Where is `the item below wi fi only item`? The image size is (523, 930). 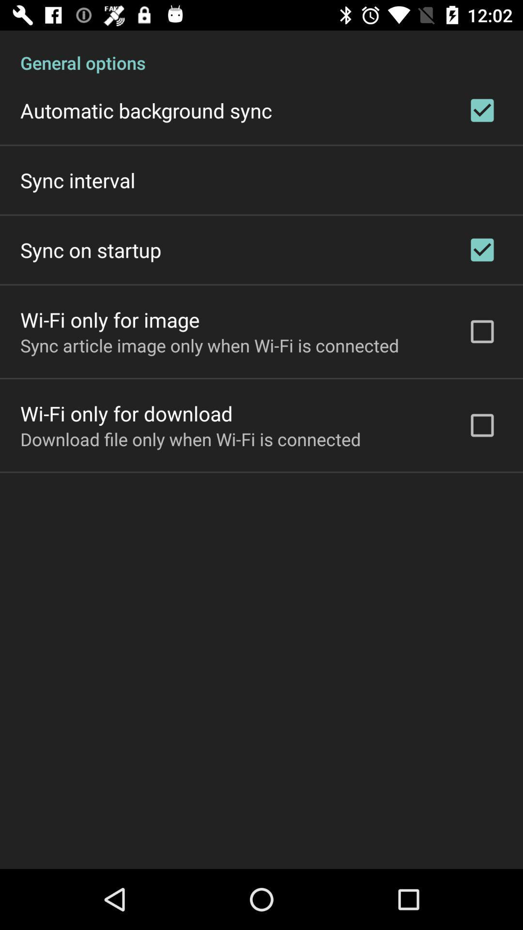 the item below wi fi only item is located at coordinates (209, 345).